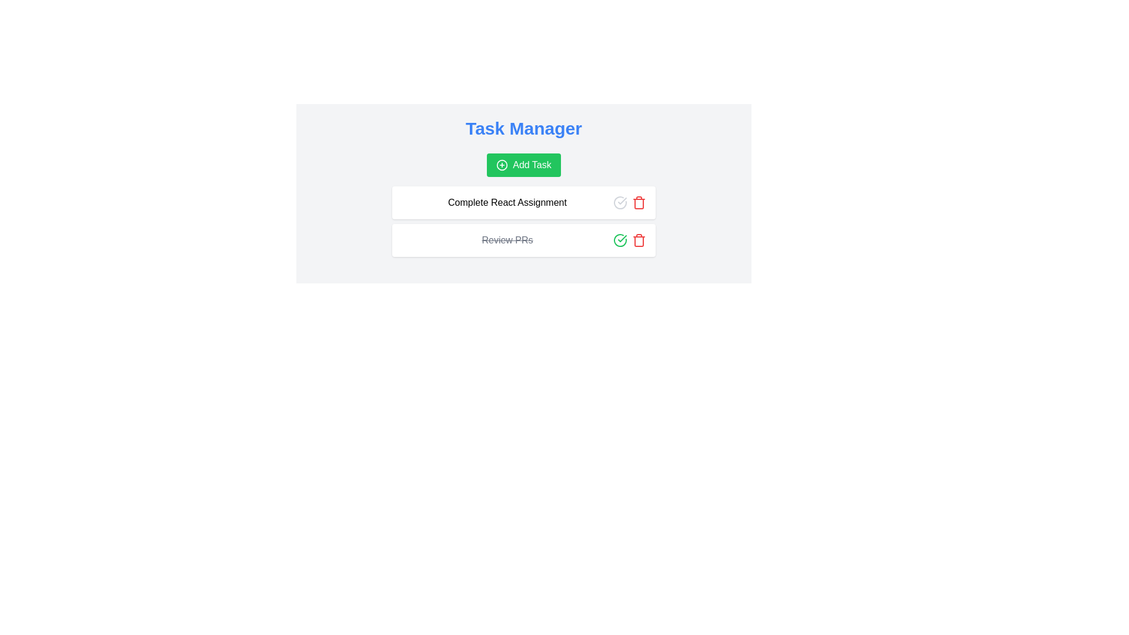 The height and width of the screenshot is (635, 1129). I want to click on the second task item in the Task Manager, located below 'Complete React Assignment', so click(523, 239).